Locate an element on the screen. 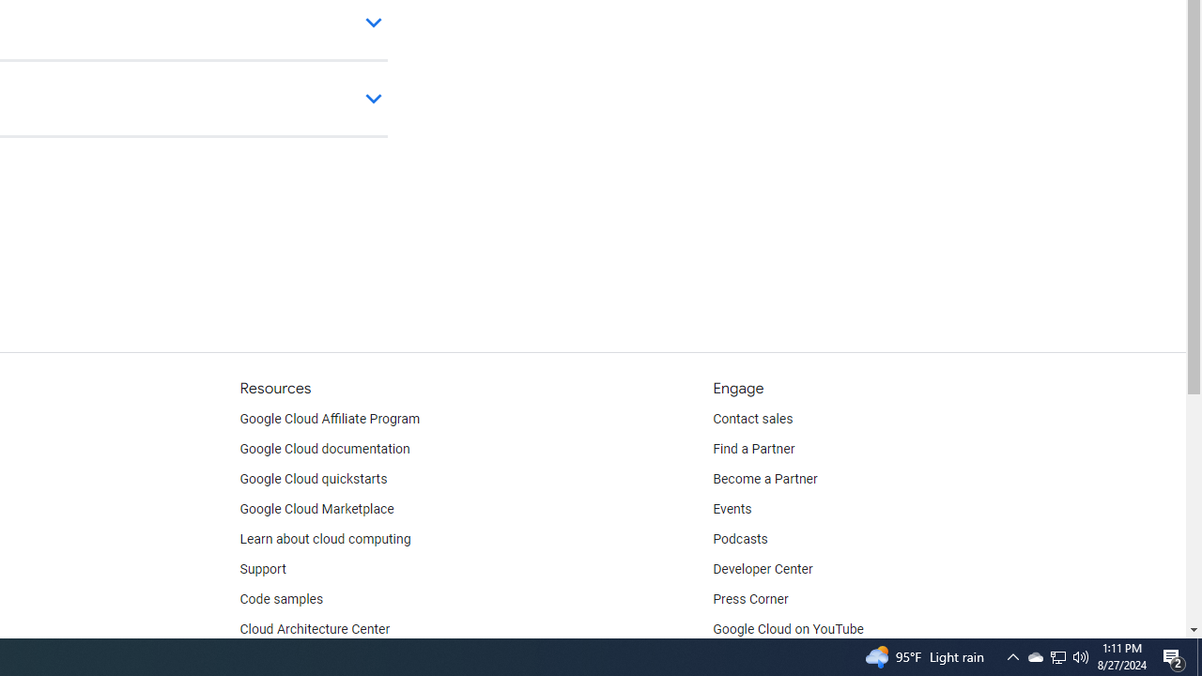  'Google Cloud Marketplace' is located at coordinates (316, 509).